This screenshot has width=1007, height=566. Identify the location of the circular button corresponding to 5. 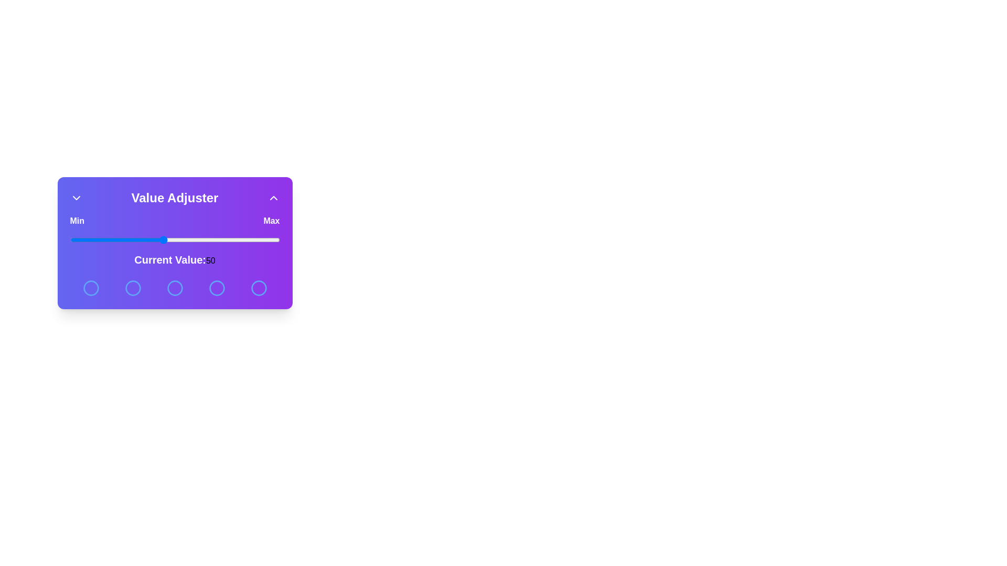
(259, 288).